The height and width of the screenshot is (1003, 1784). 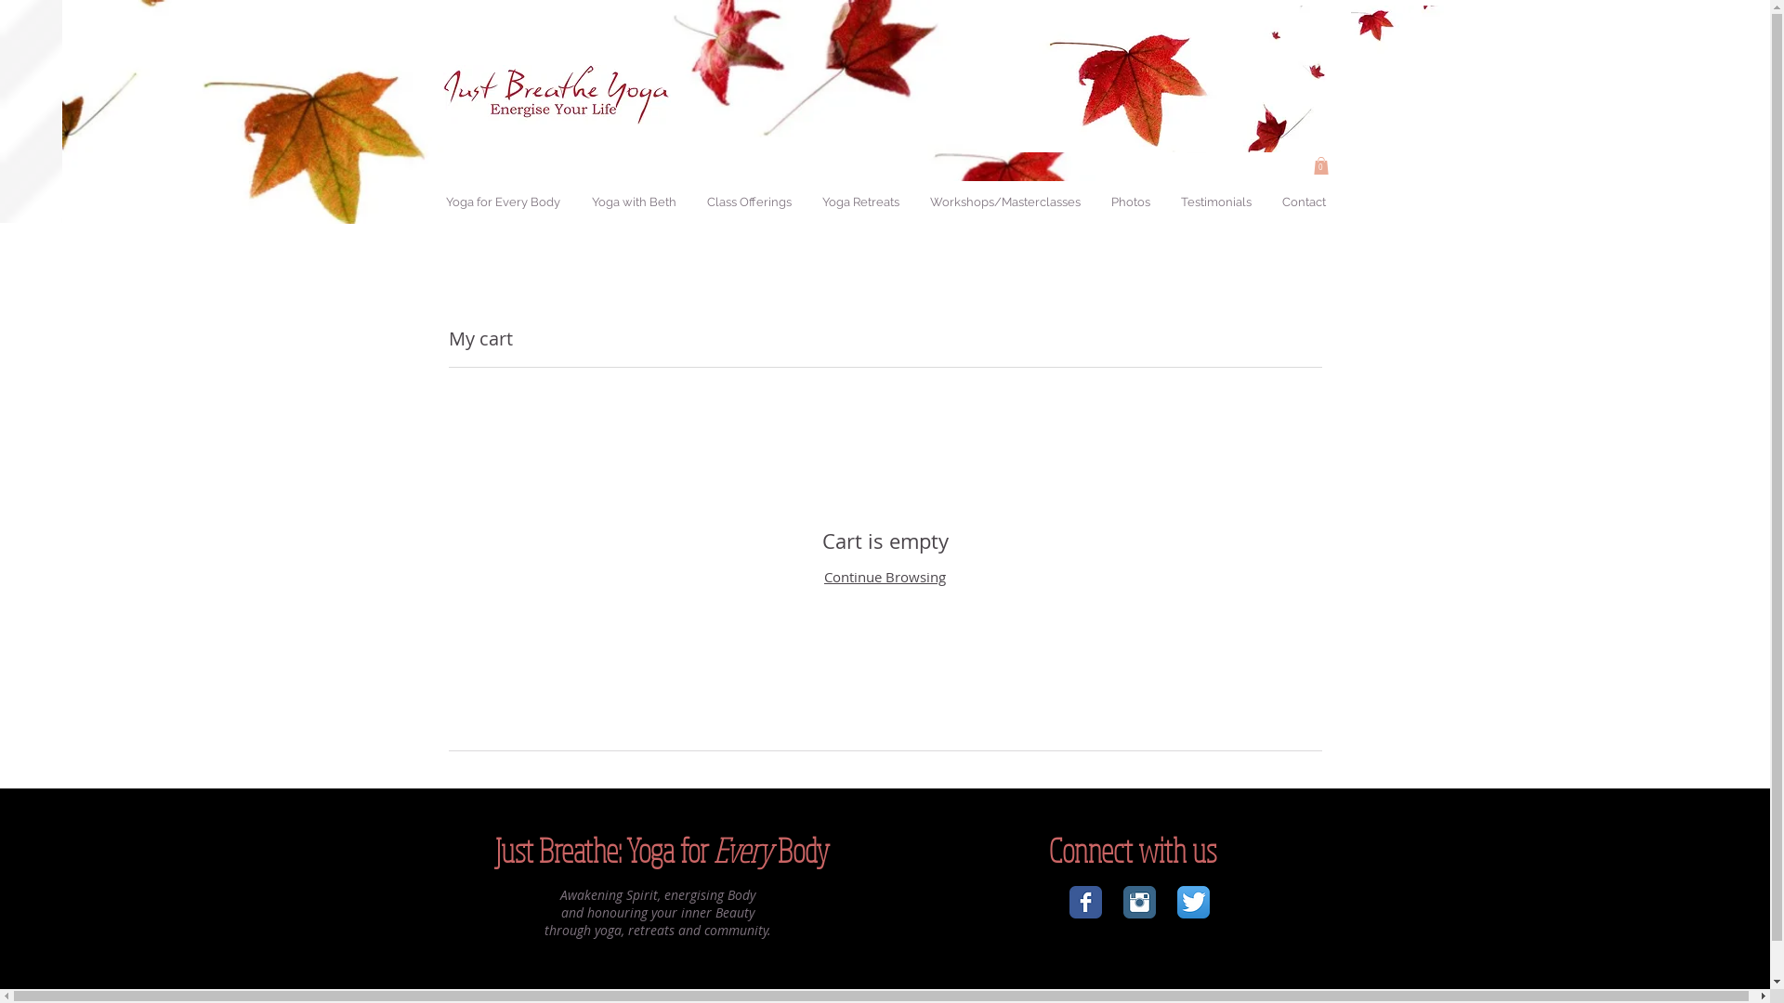 I want to click on '0', so click(x=1319, y=164).